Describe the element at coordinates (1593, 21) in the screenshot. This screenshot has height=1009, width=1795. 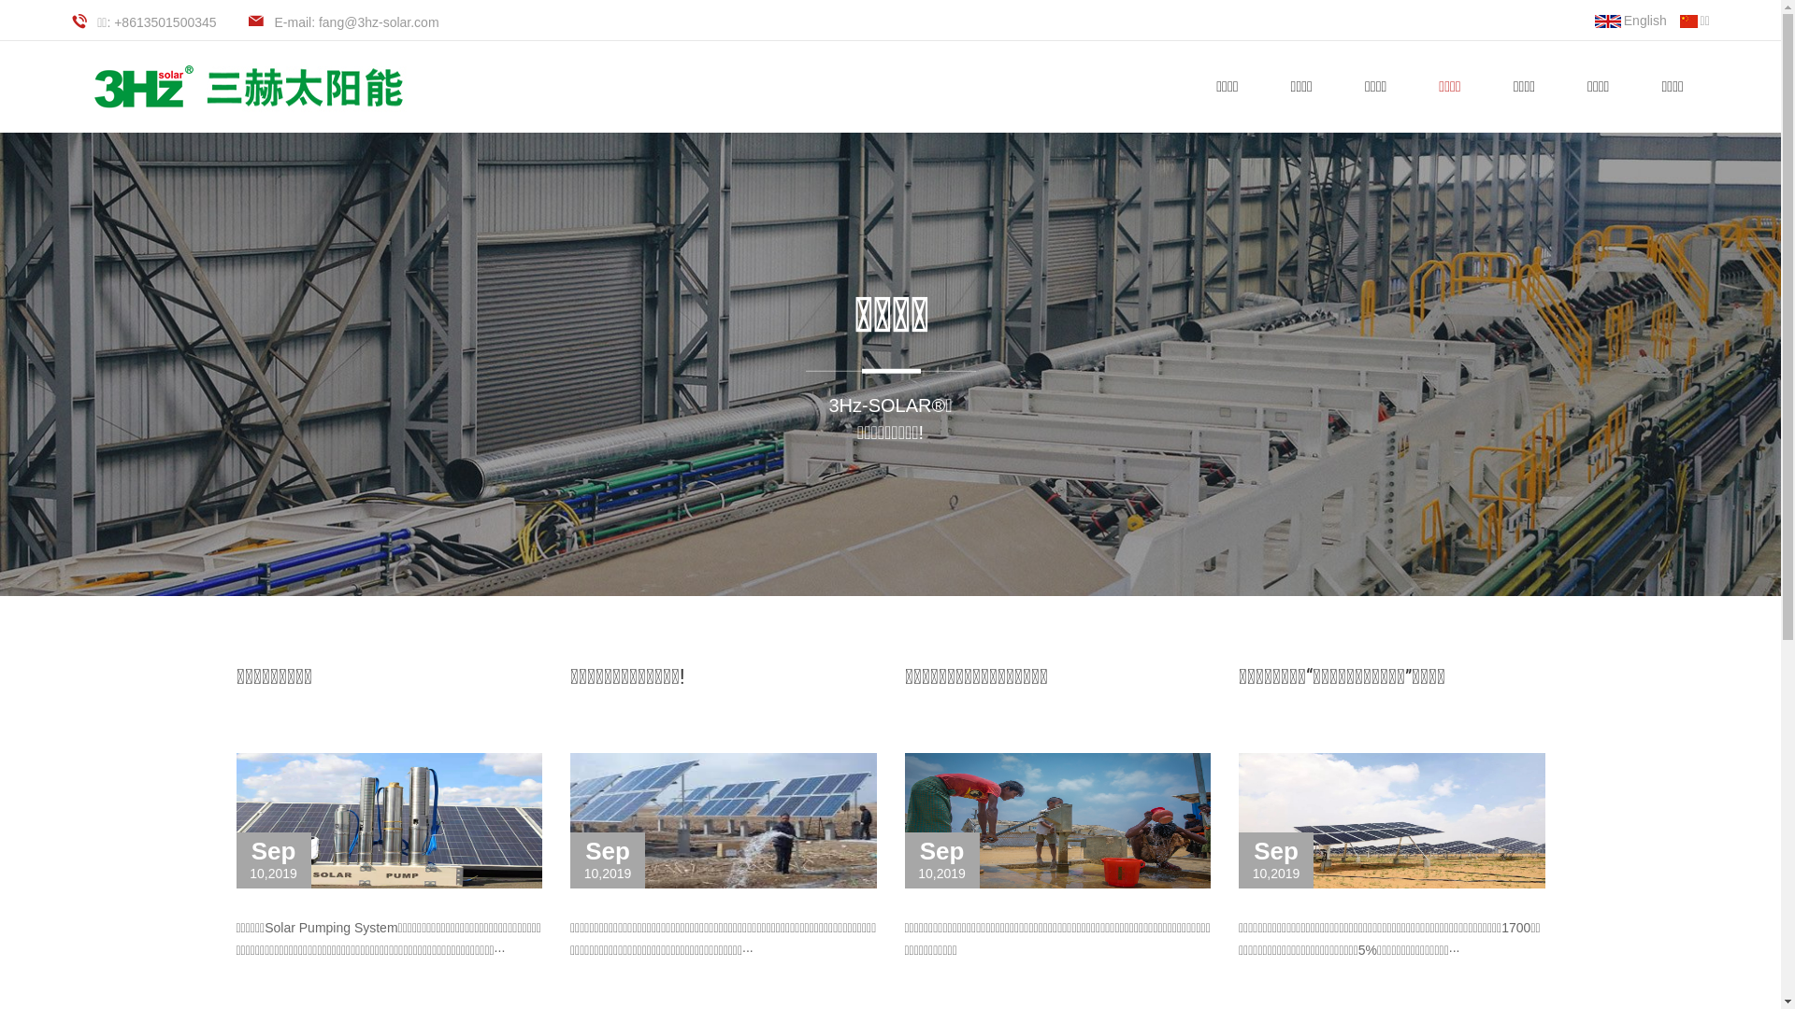
I see `'English'` at that location.